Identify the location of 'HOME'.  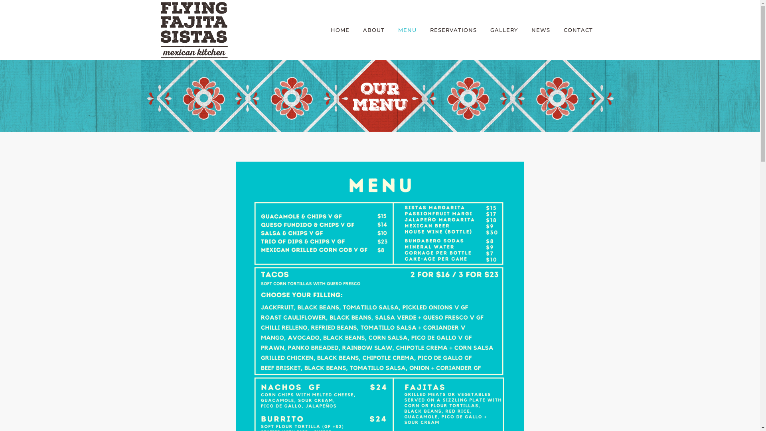
(340, 29).